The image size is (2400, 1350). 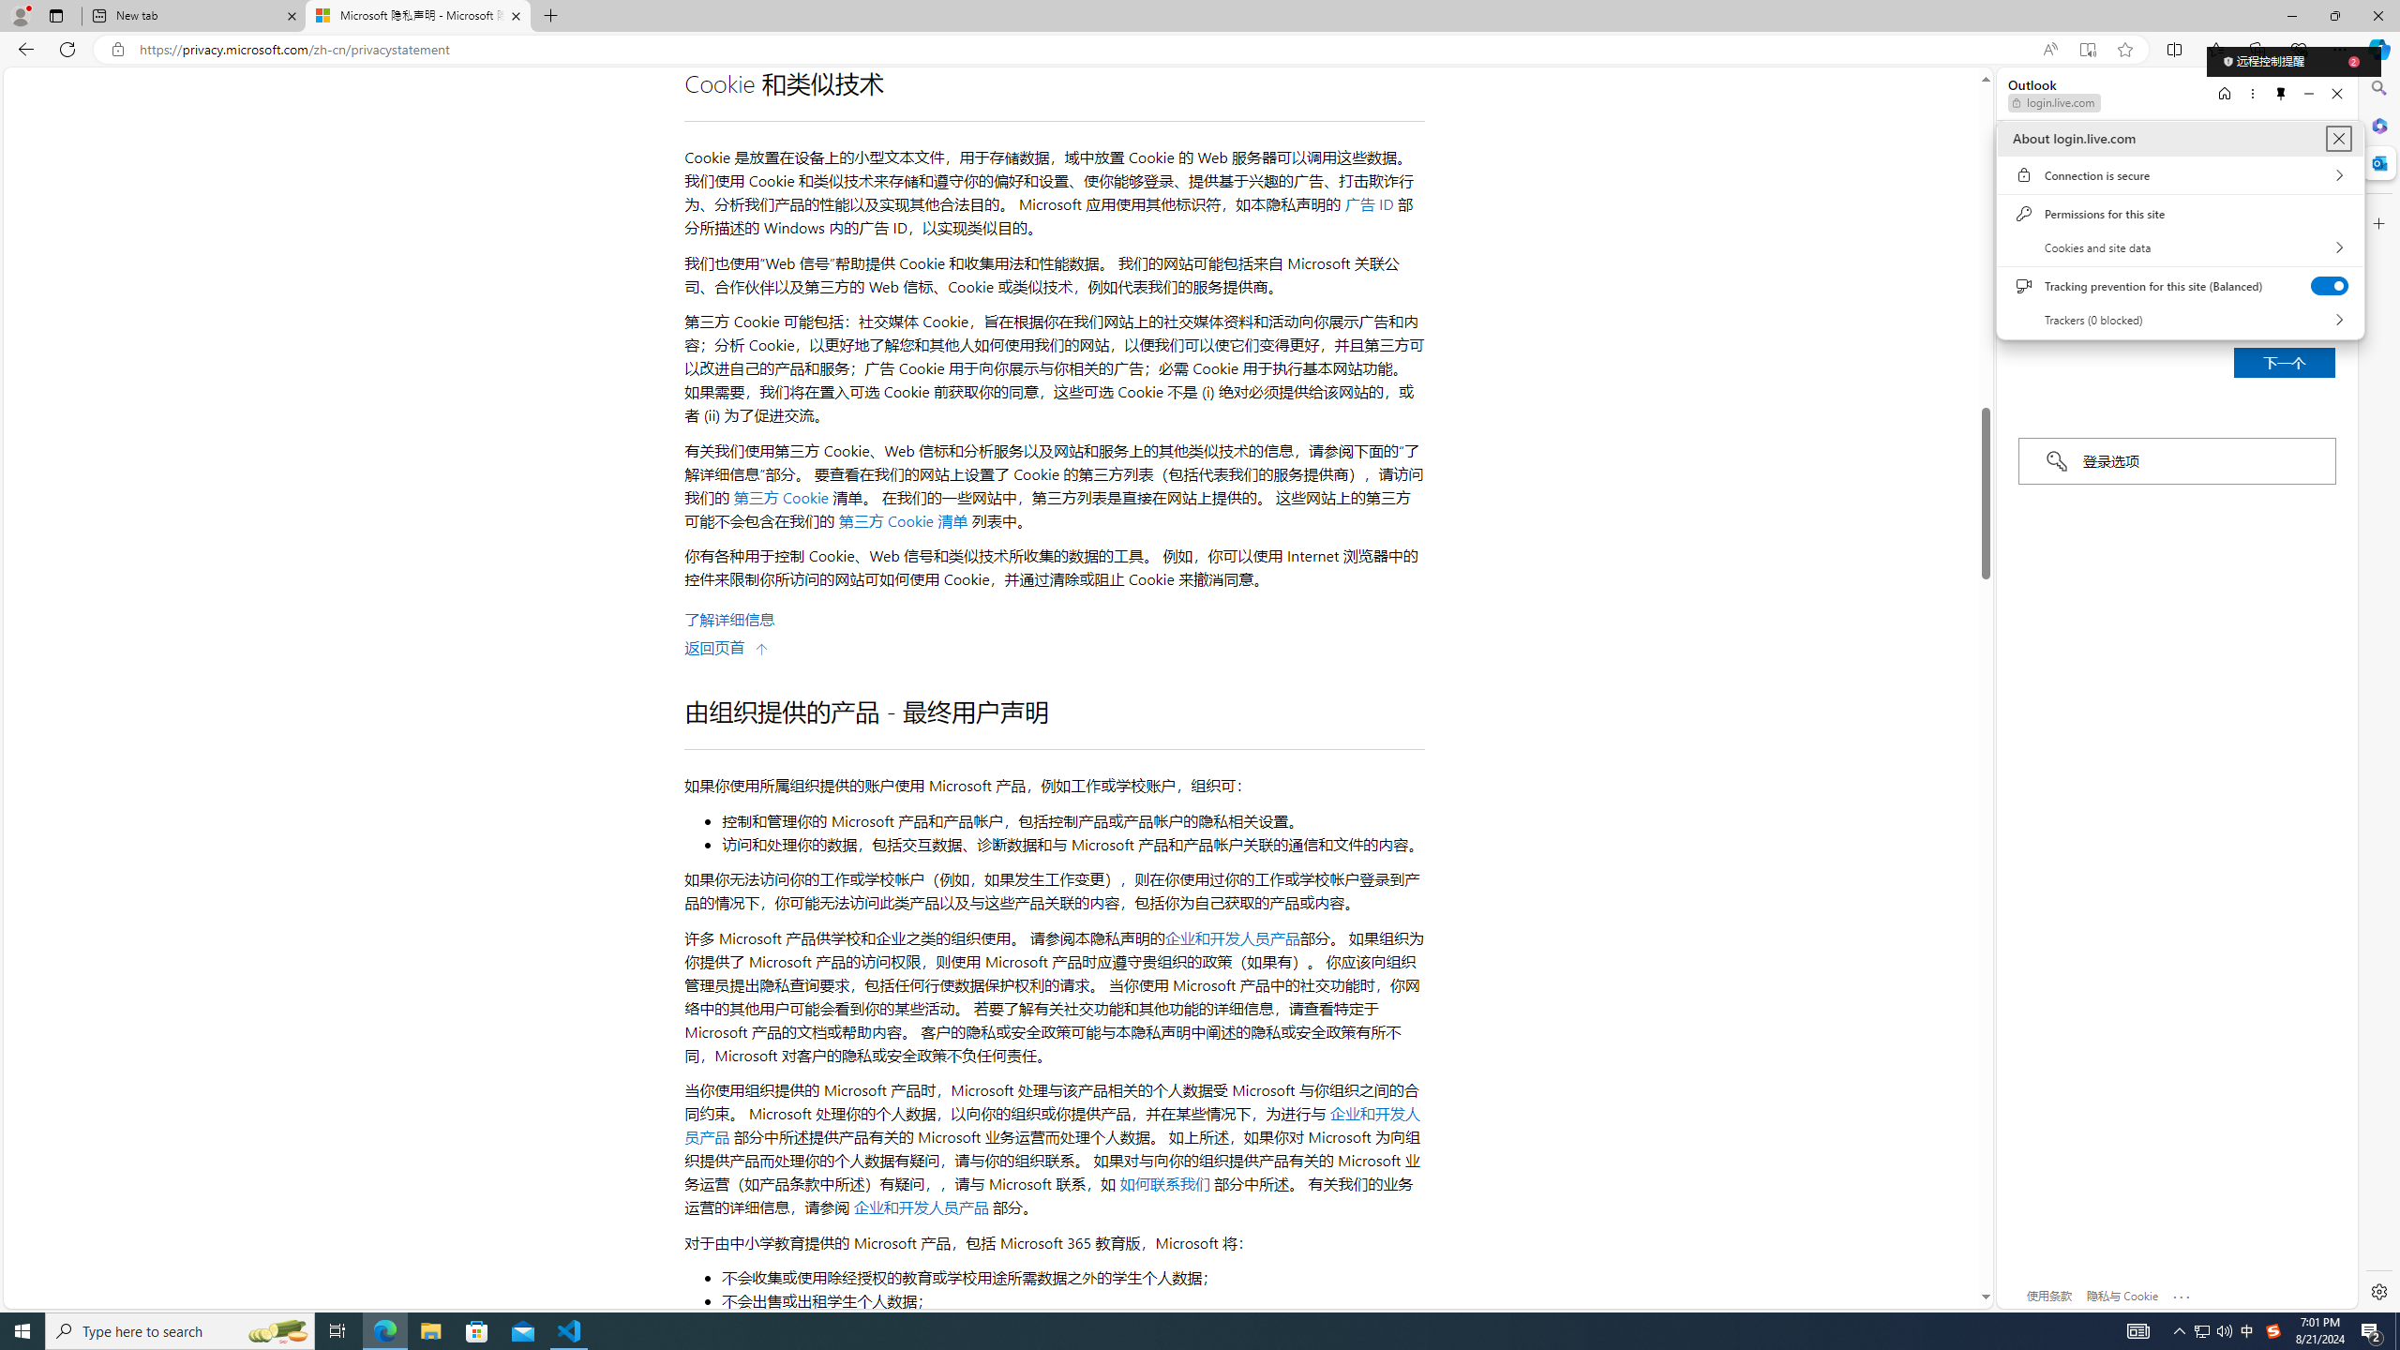 I want to click on 'Connection is secure', so click(x=2179, y=173).